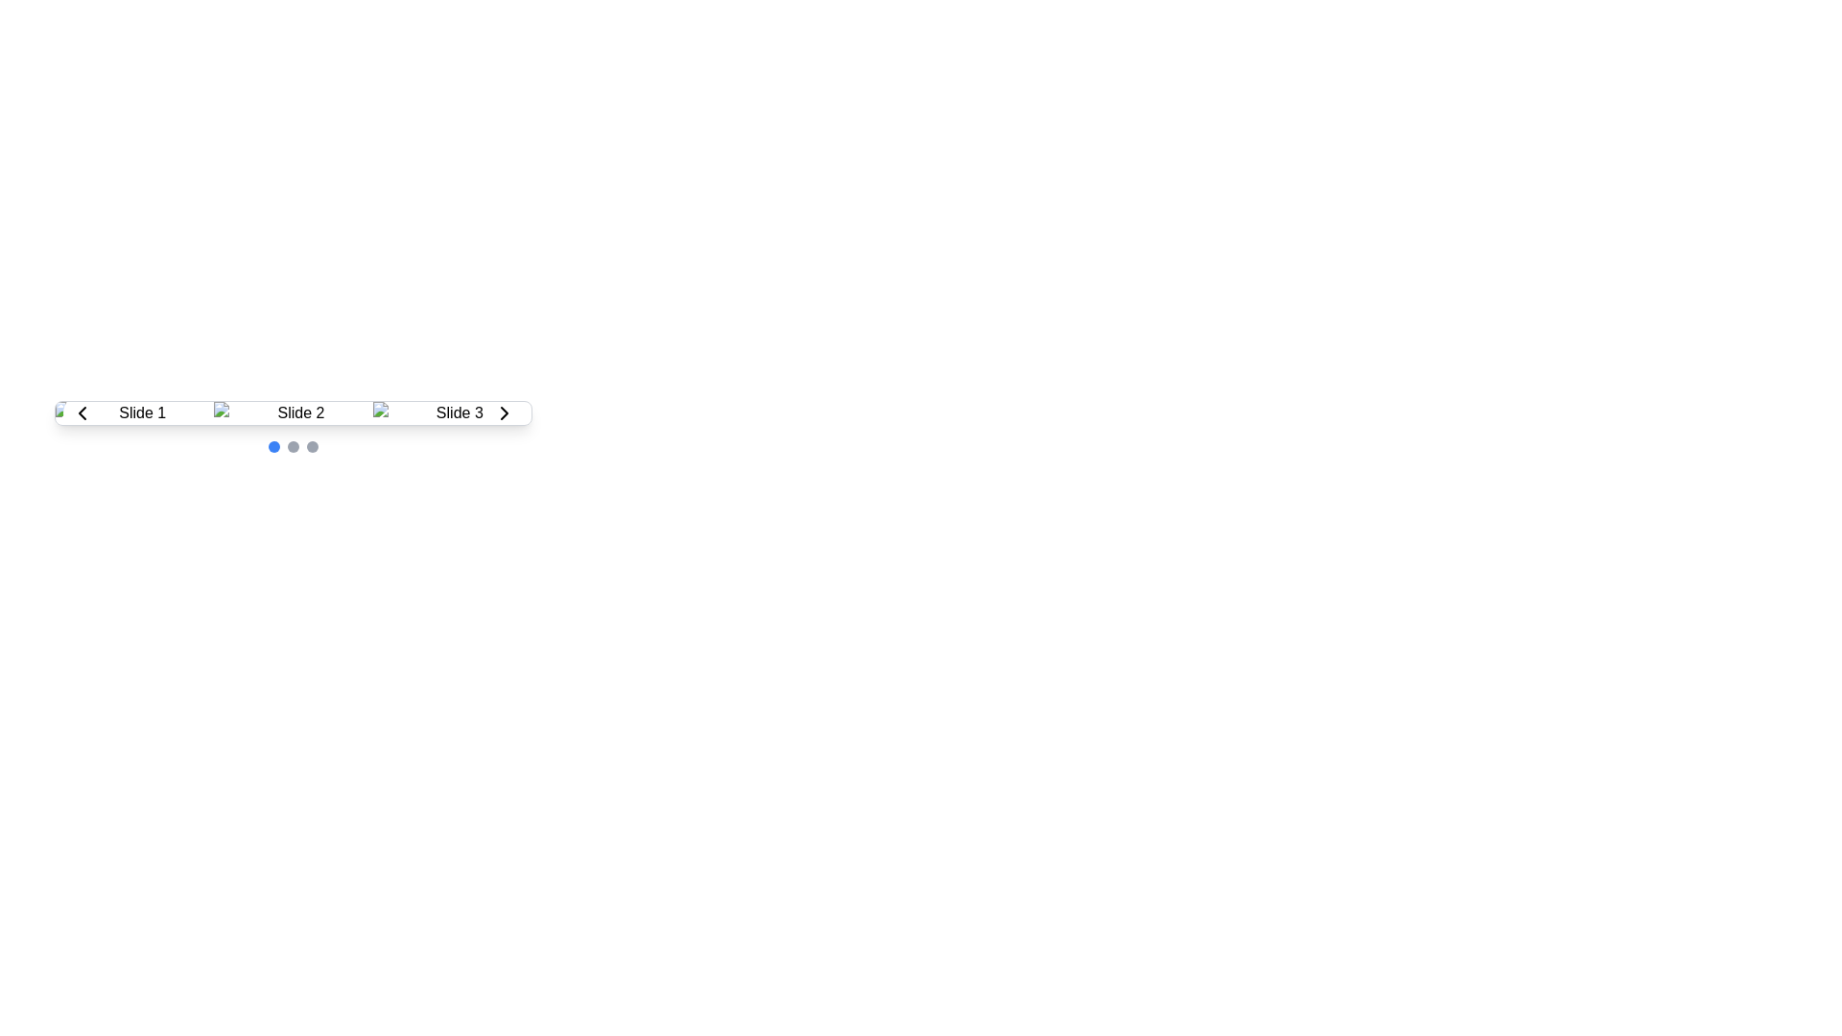  I want to click on the navigation button located at the rightmost end of the horizontal navigation bar below the 'Slide 3' label, so click(505, 412).